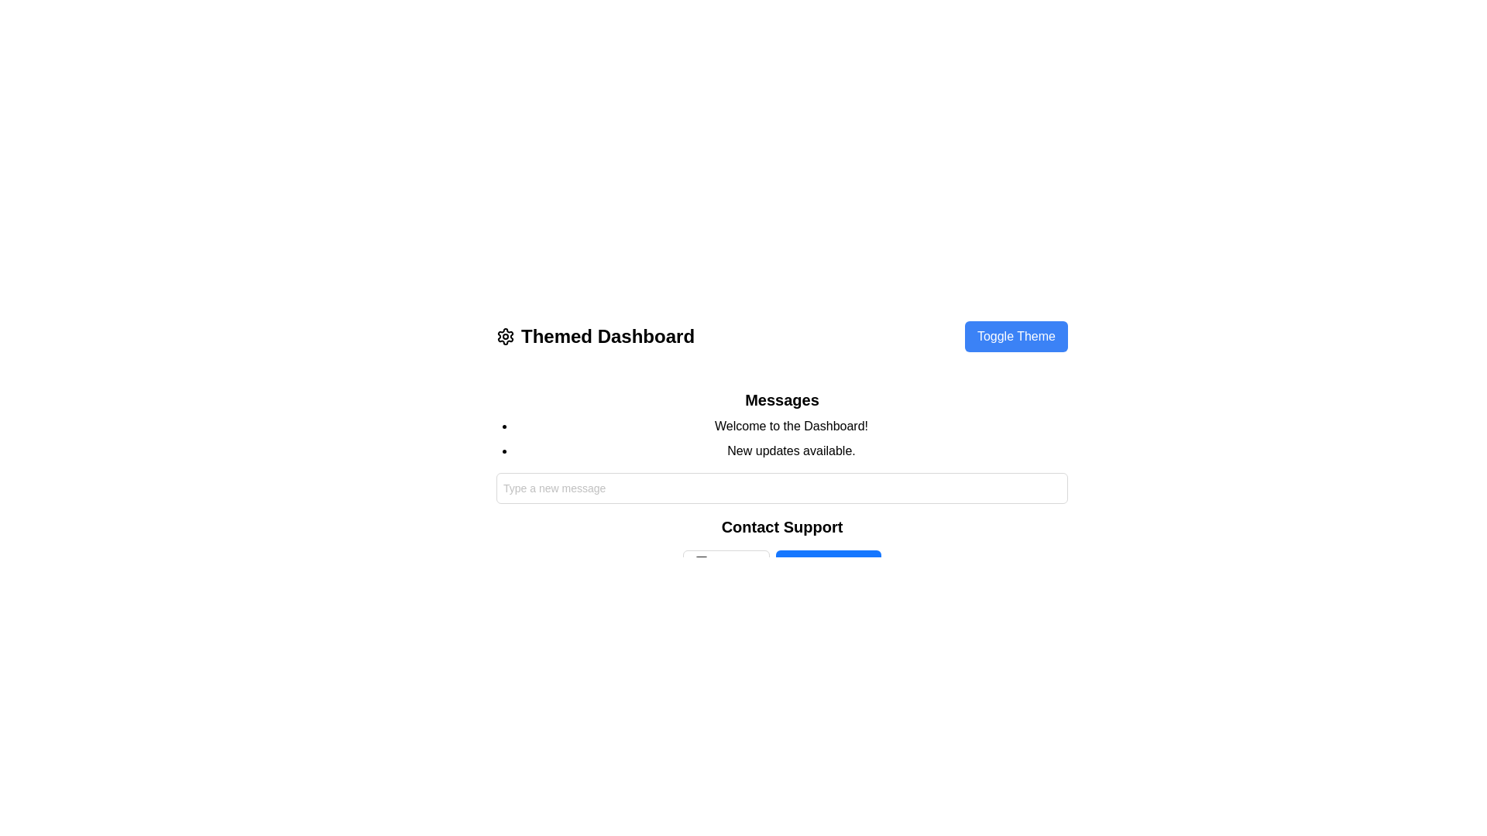 Image resolution: width=1487 pixels, height=836 pixels. What do you see at coordinates (828, 562) in the screenshot?
I see `the button labeled 'Visit Help Center'` at bounding box center [828, 562].